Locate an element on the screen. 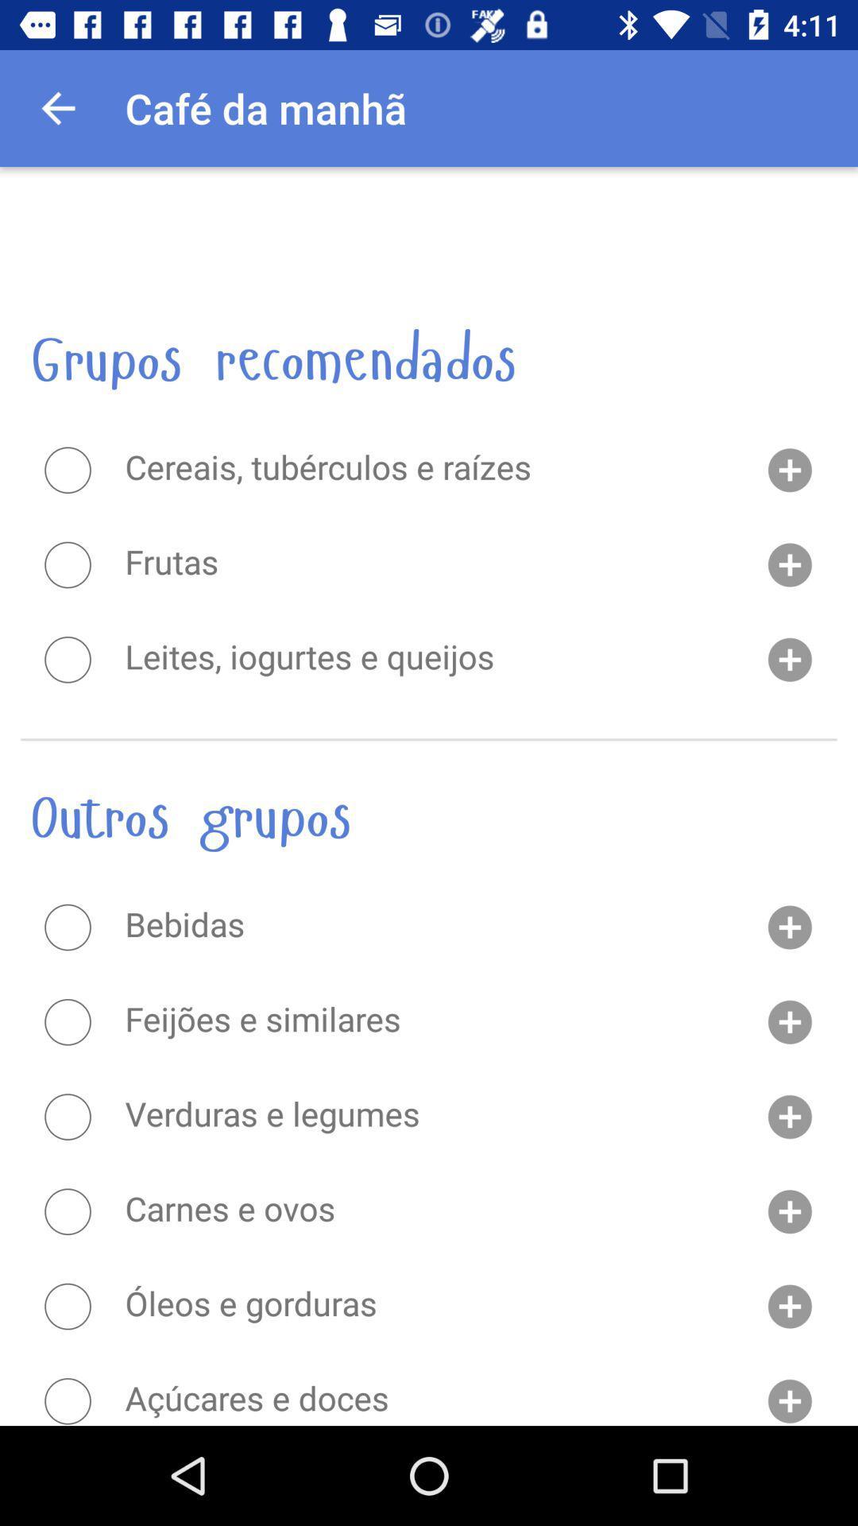 This screenshot has width=858, height=1526. the item above the grupos recomendados item is located at coordinates (429, 230).